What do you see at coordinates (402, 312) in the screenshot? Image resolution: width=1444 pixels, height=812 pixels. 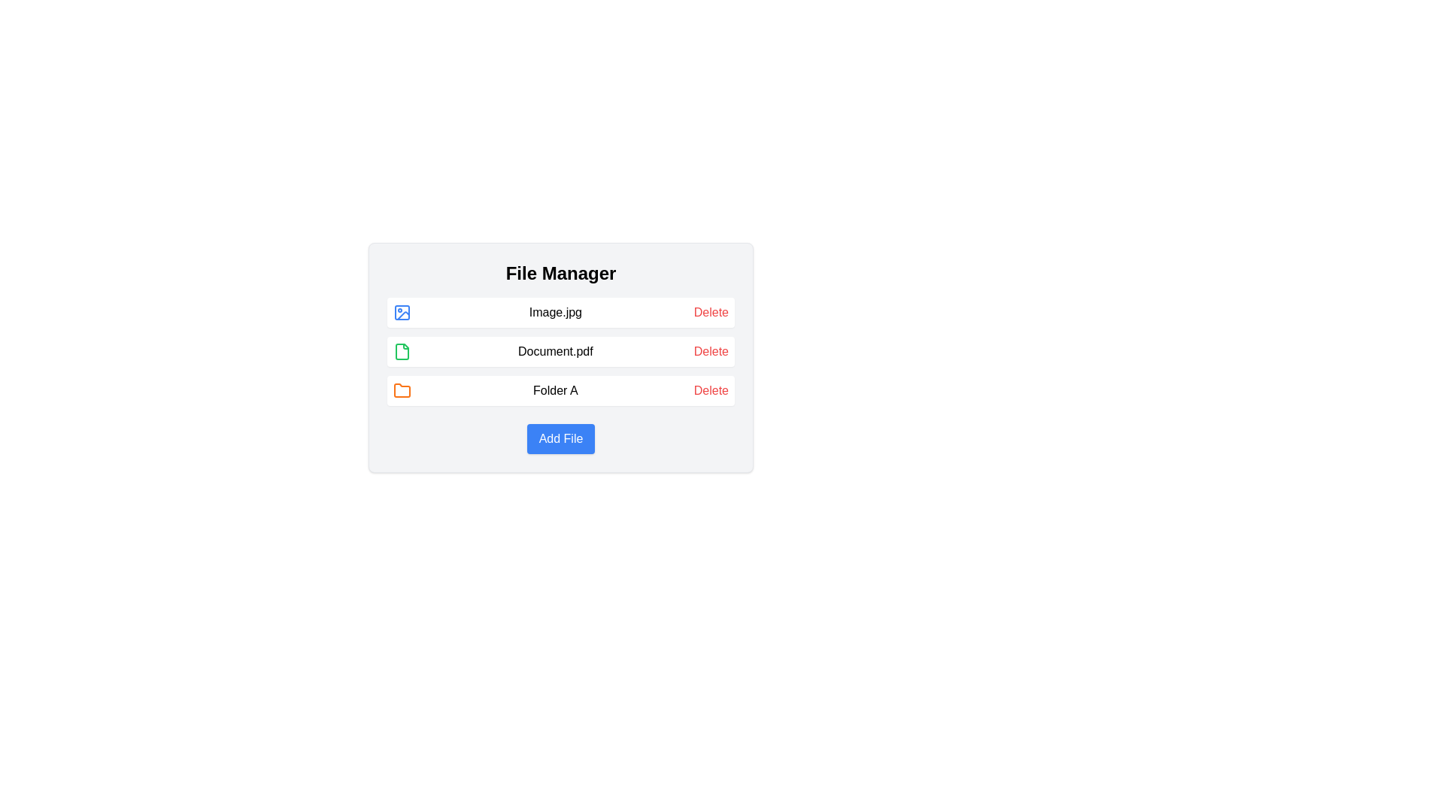 I see `the decorative shape within the SVG file icon that represents an image file, located in the top-left corner of the icon next to 'Image.jpg'` at bounding box center [402, 312].